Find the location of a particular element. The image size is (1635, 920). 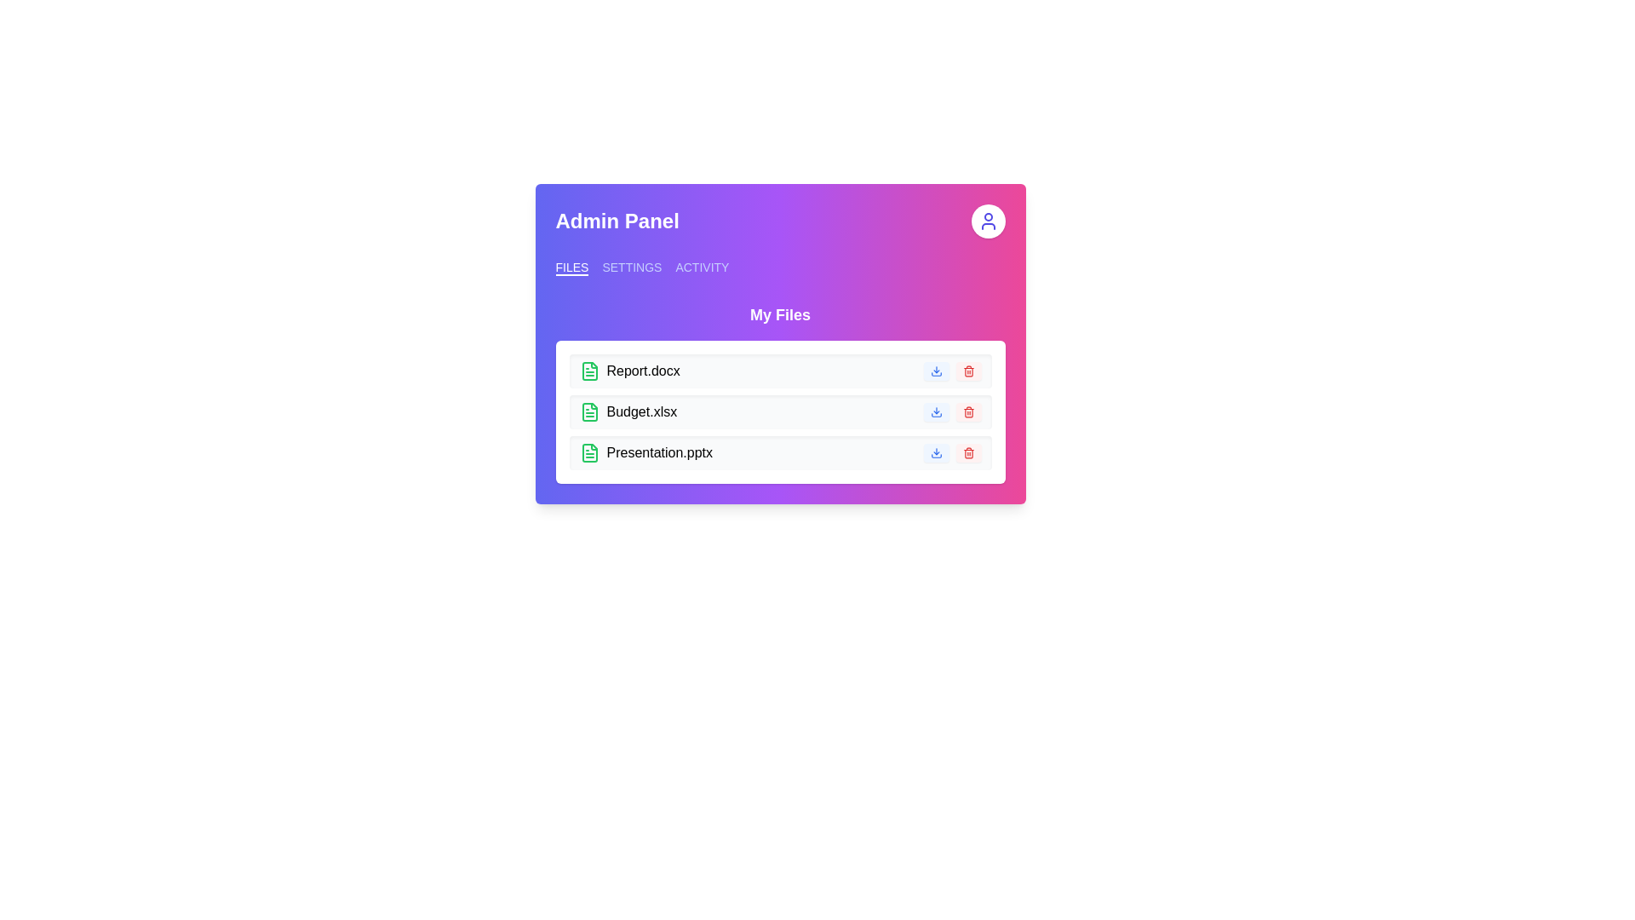

the 'FILES' navigation tab, which is the first item in the navigation bar is located at coordinates (572, 267).